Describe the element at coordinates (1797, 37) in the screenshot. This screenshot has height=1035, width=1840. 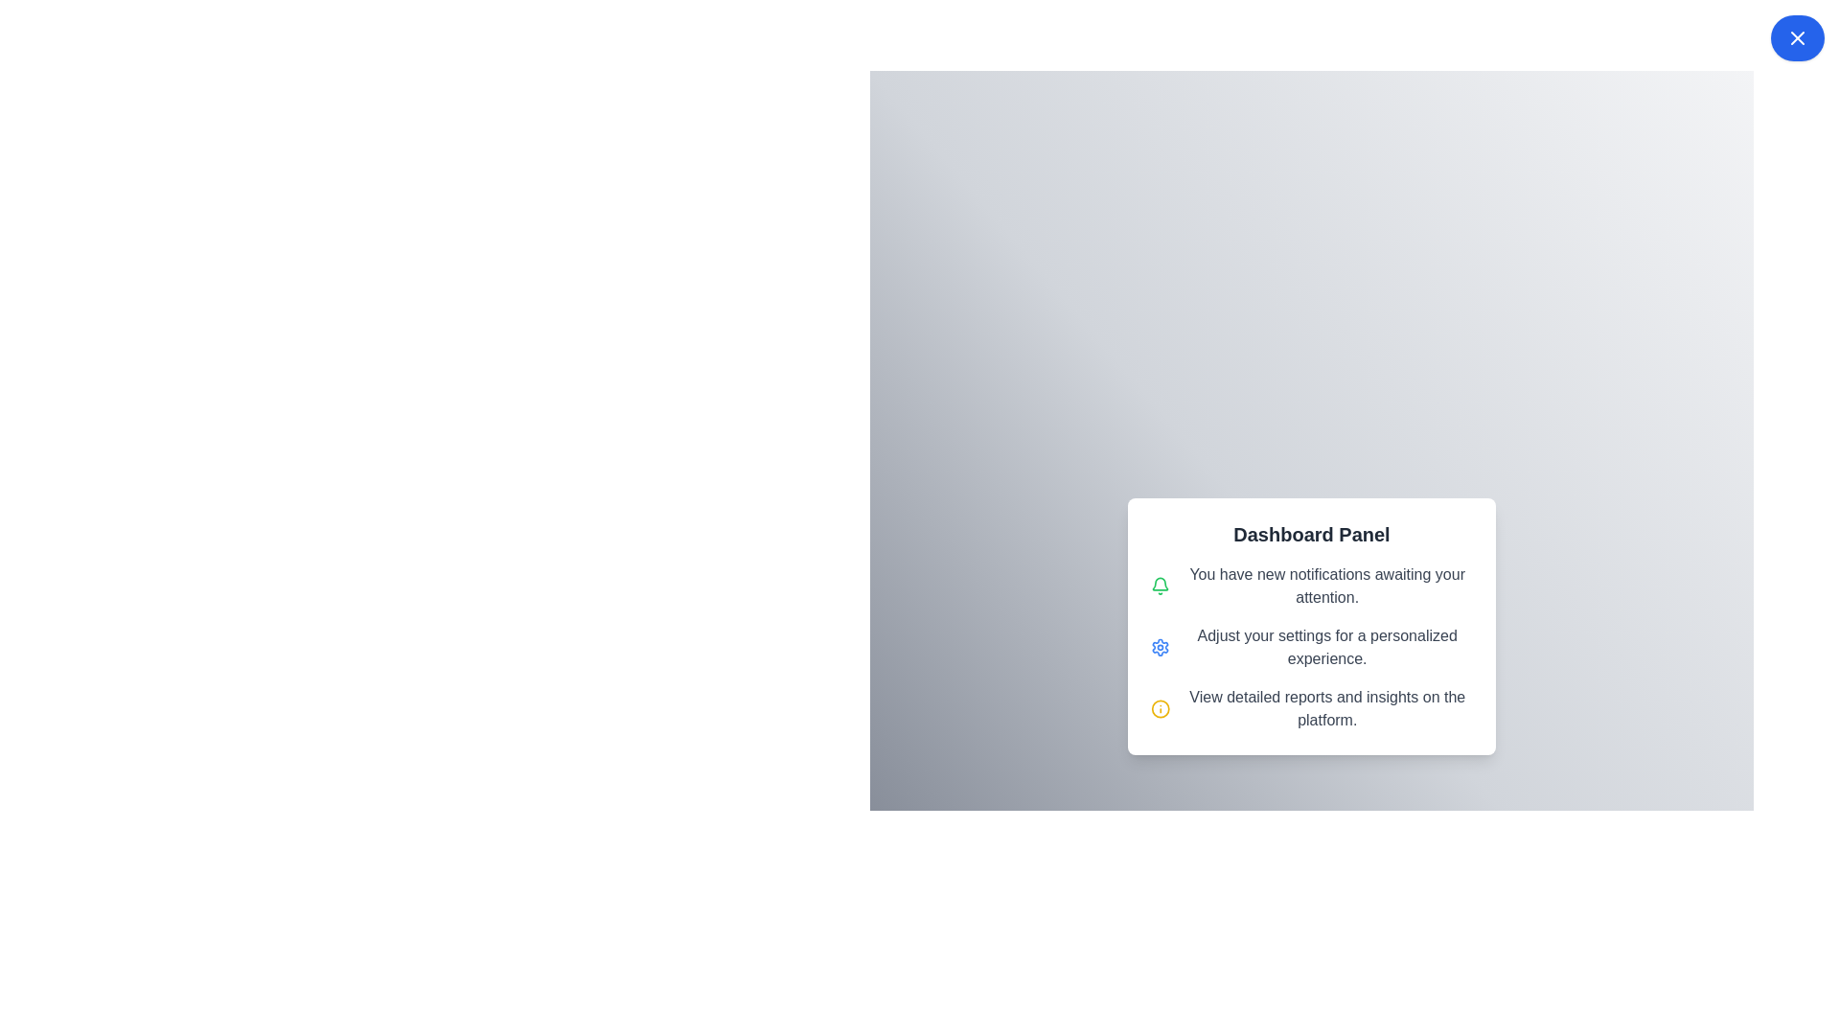
I see `the close button located in the top-right corner of the interface to observe its hover effect` at that location.